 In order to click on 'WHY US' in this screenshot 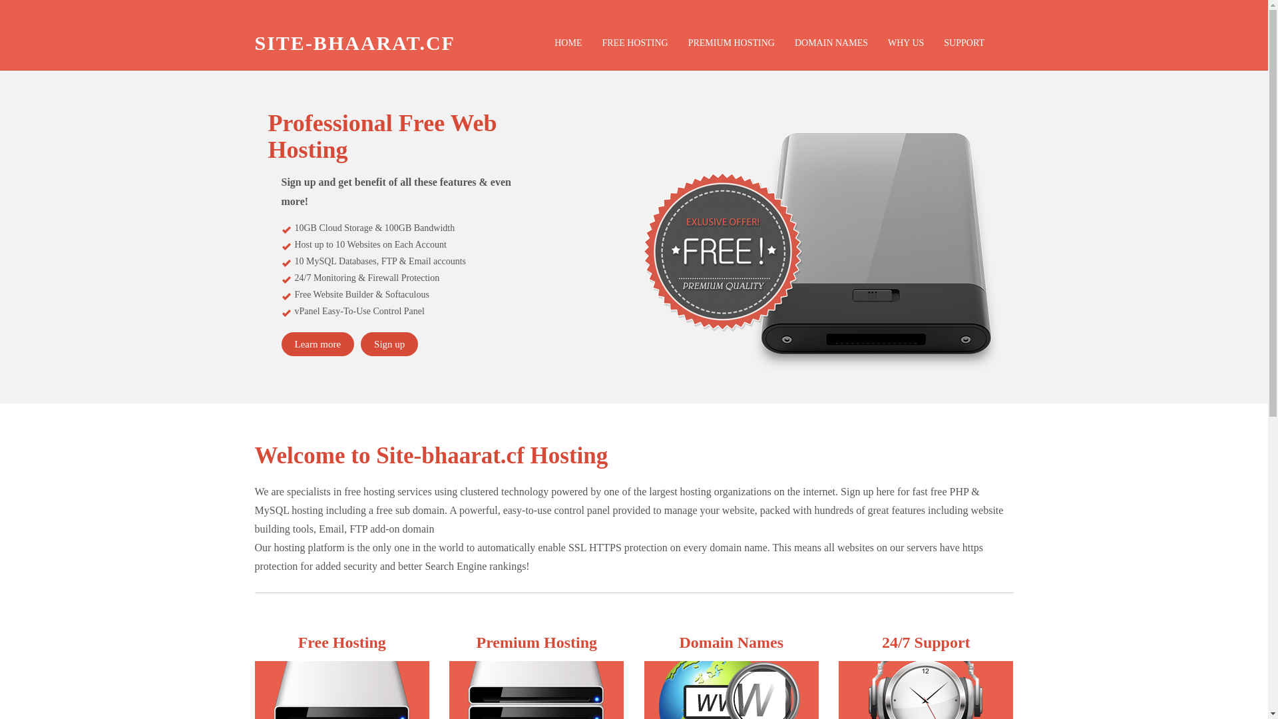, I will do `click(878, 43)`.